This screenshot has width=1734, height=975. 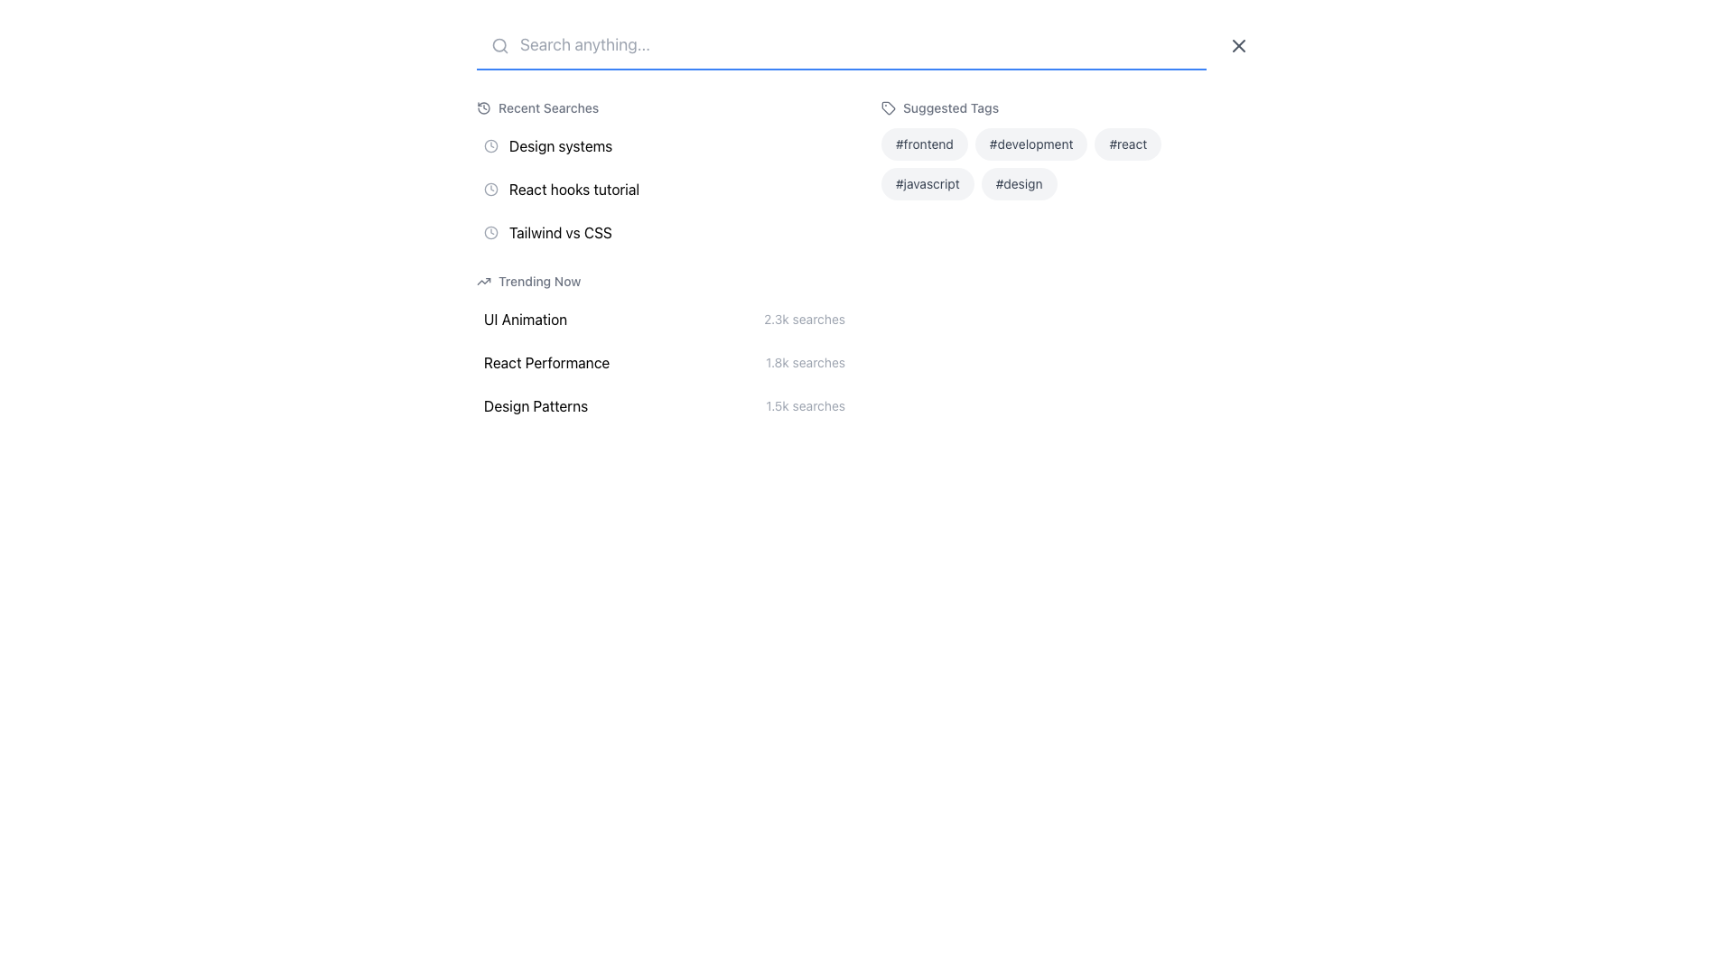 What do you see at coordinates (1127, 143) in the screenshot?
I see `the third button labeled 'react' in the horizontally laid-out group of suggested tags to filter or categorize content` at bounding box center [1127, 143].